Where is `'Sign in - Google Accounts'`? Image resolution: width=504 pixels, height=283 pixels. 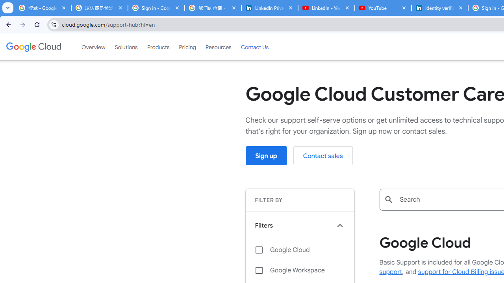 'Sign in - Google Accounts' is located at coordinates (156, 8).